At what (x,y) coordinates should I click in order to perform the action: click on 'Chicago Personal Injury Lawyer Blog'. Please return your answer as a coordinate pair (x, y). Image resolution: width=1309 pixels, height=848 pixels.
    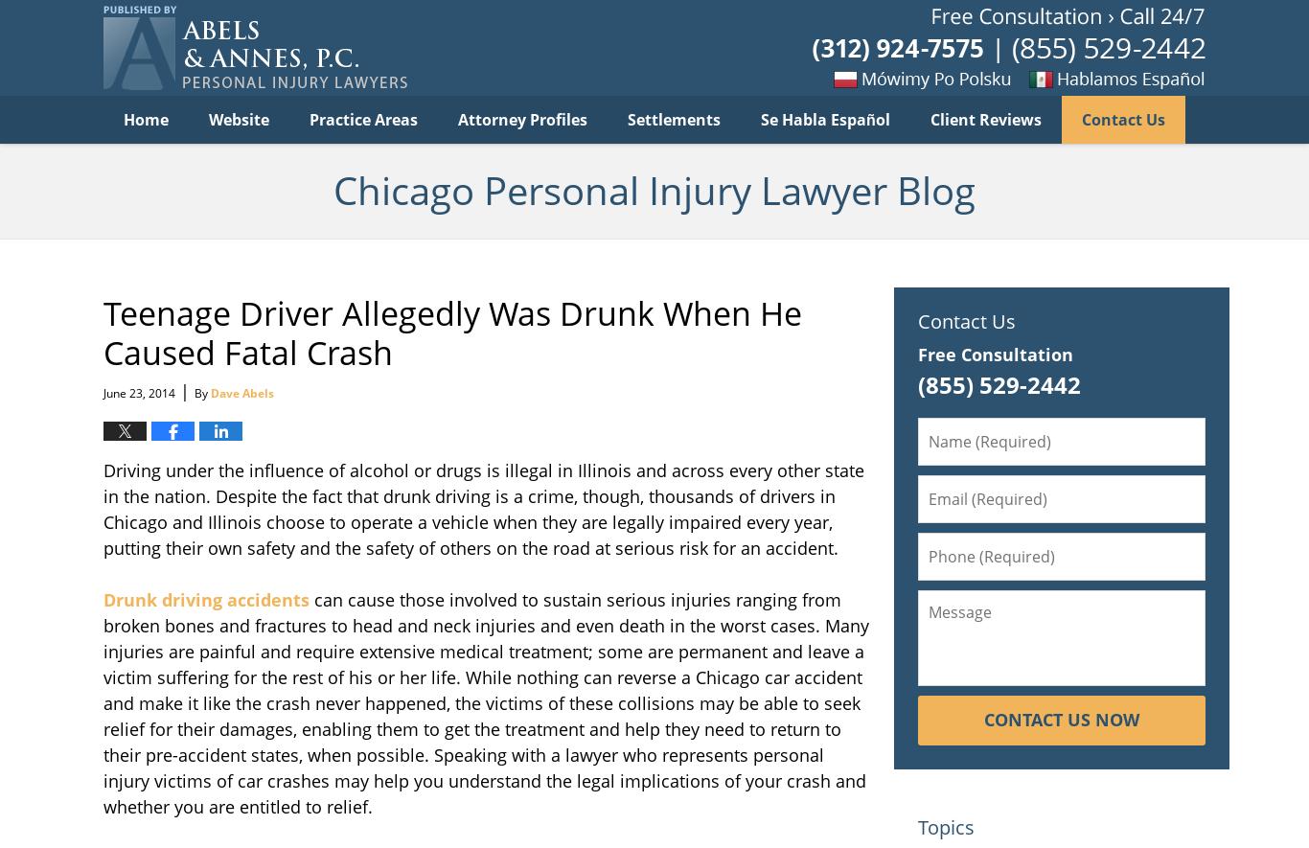
    Looking at the image, I should click on (654, 190).